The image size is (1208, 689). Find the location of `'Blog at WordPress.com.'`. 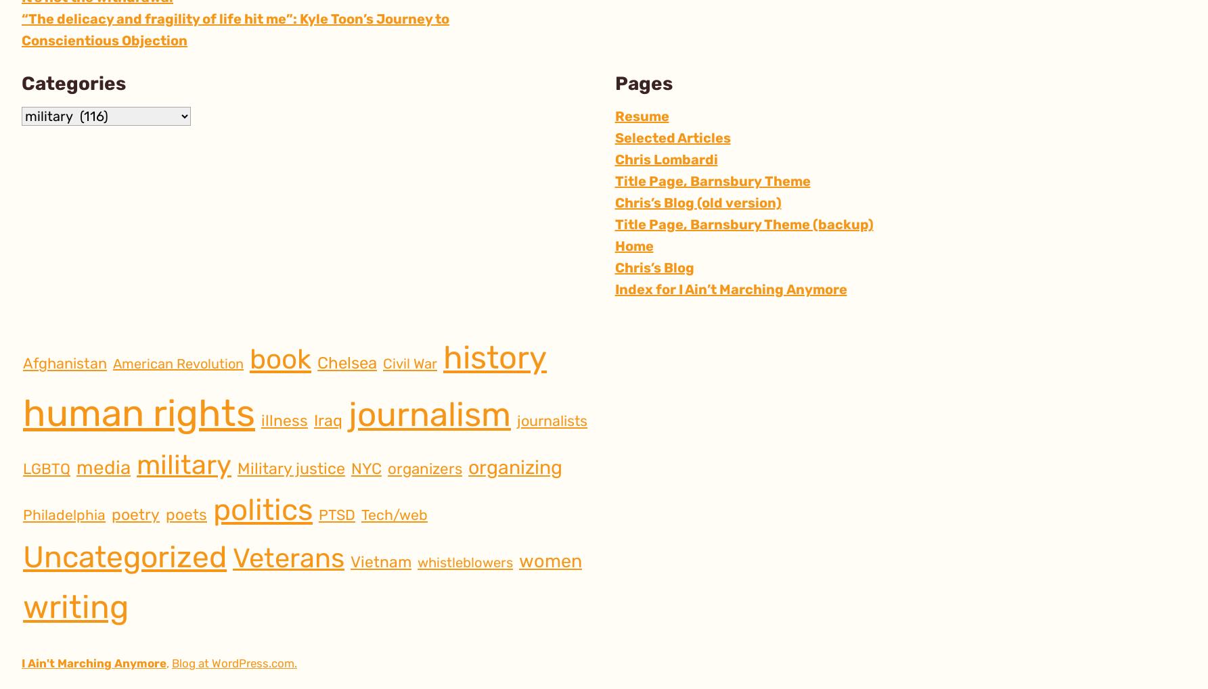

'Blog at WordPress.com.' is located at coordinates (234, 663).